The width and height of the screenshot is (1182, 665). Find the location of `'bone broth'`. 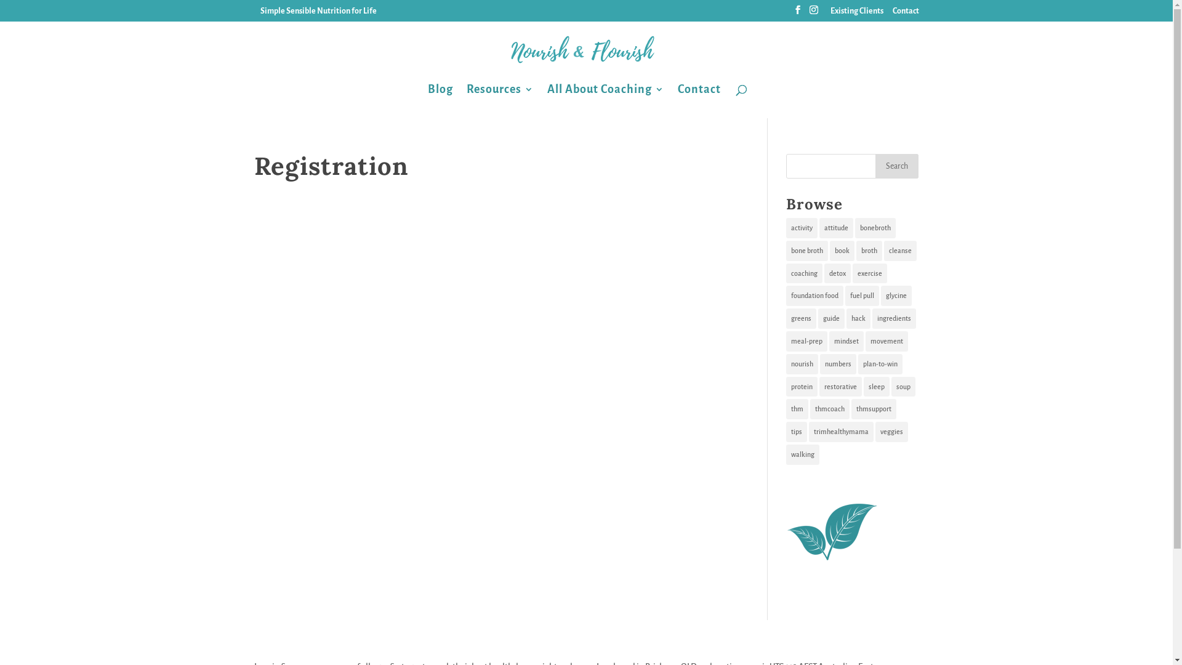

'bone broth' is located at coordinates (785, 250).